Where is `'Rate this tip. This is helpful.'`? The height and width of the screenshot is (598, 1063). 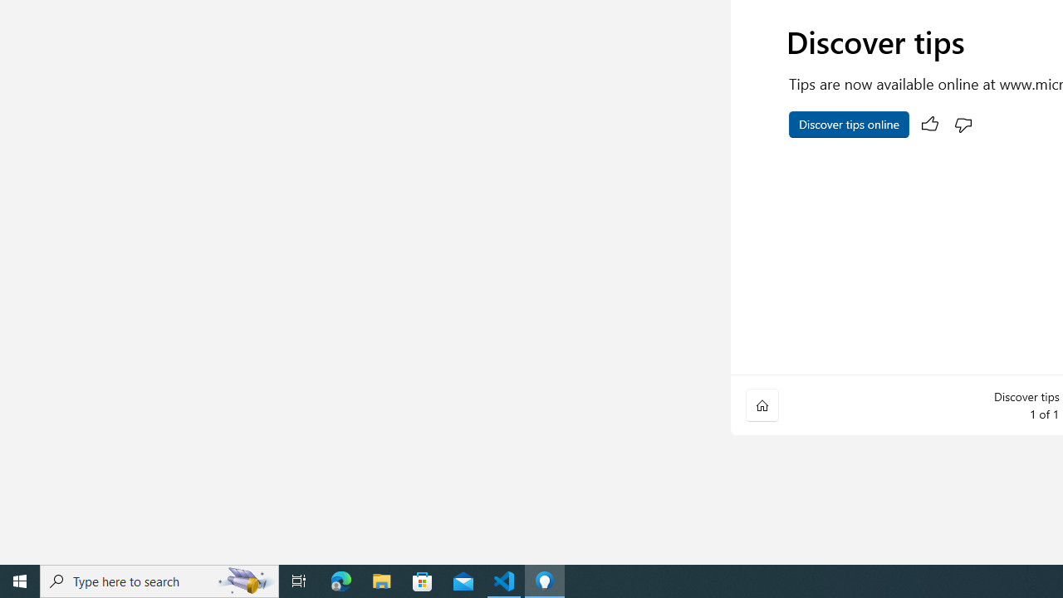 'Rate this tip. This is helpful.' is located at coordinates (930, 124).